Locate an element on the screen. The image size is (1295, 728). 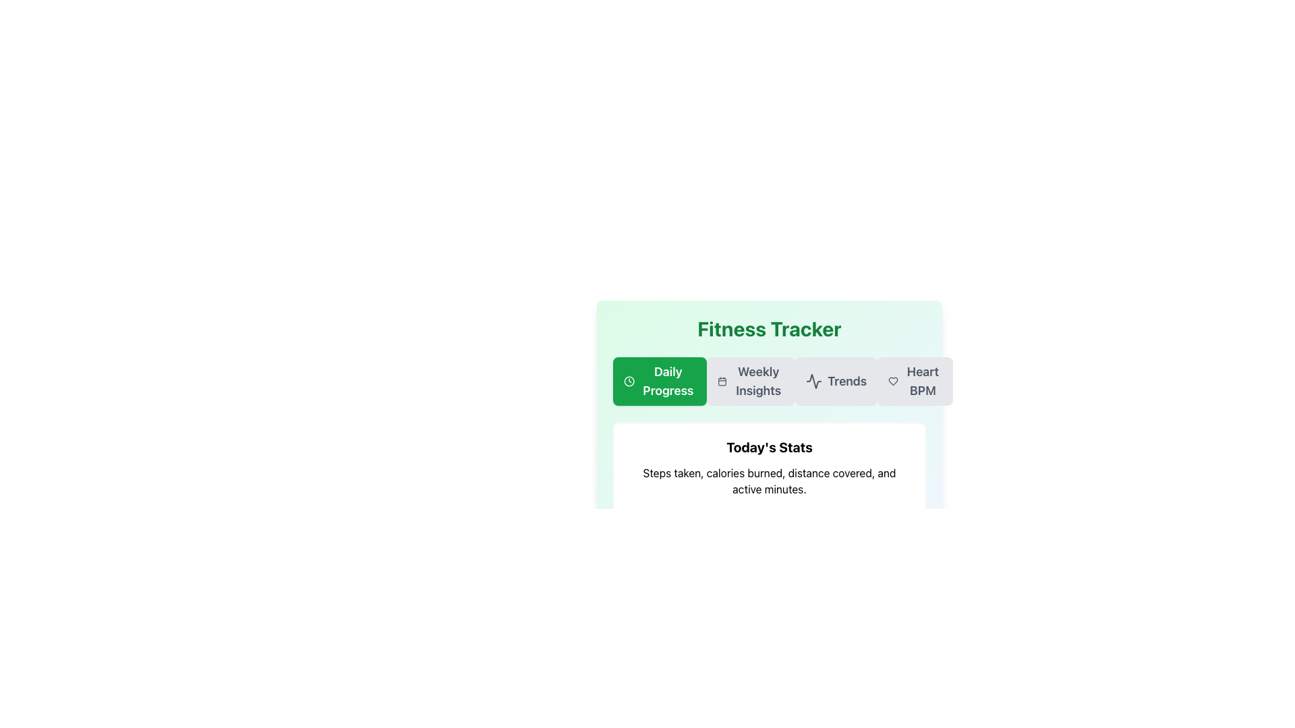
the Text Header that serves as a header for the daily fitness statistics section, located below the main header 'Fitness Tracker' is located at coordinates (770, 447).